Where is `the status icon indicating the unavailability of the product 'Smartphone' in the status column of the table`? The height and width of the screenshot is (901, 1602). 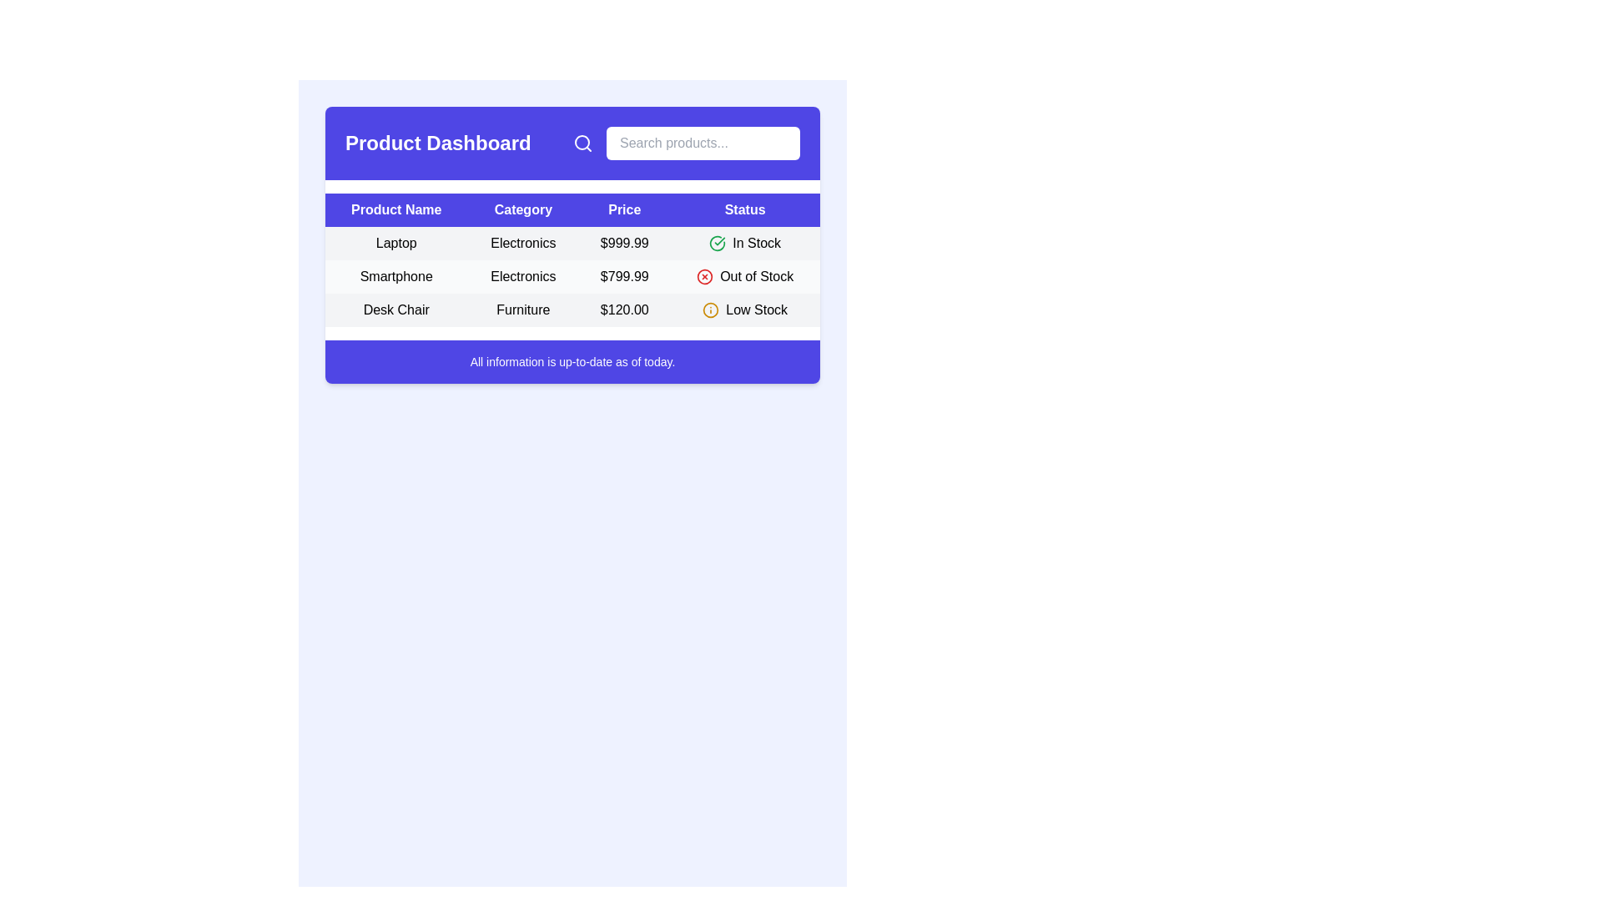
the status icon indicating the unavailability of the product 'Smartphone' in the status column of the table is located at coordinates (743, 275).